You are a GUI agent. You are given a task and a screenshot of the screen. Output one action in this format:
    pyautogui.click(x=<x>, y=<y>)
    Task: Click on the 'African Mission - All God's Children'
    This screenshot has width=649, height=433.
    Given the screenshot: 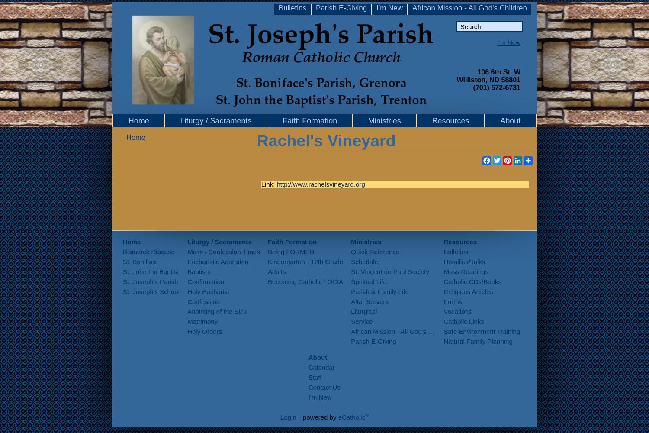 What is the action you would take?
    pyautogui.click(x=351, y=331)
    